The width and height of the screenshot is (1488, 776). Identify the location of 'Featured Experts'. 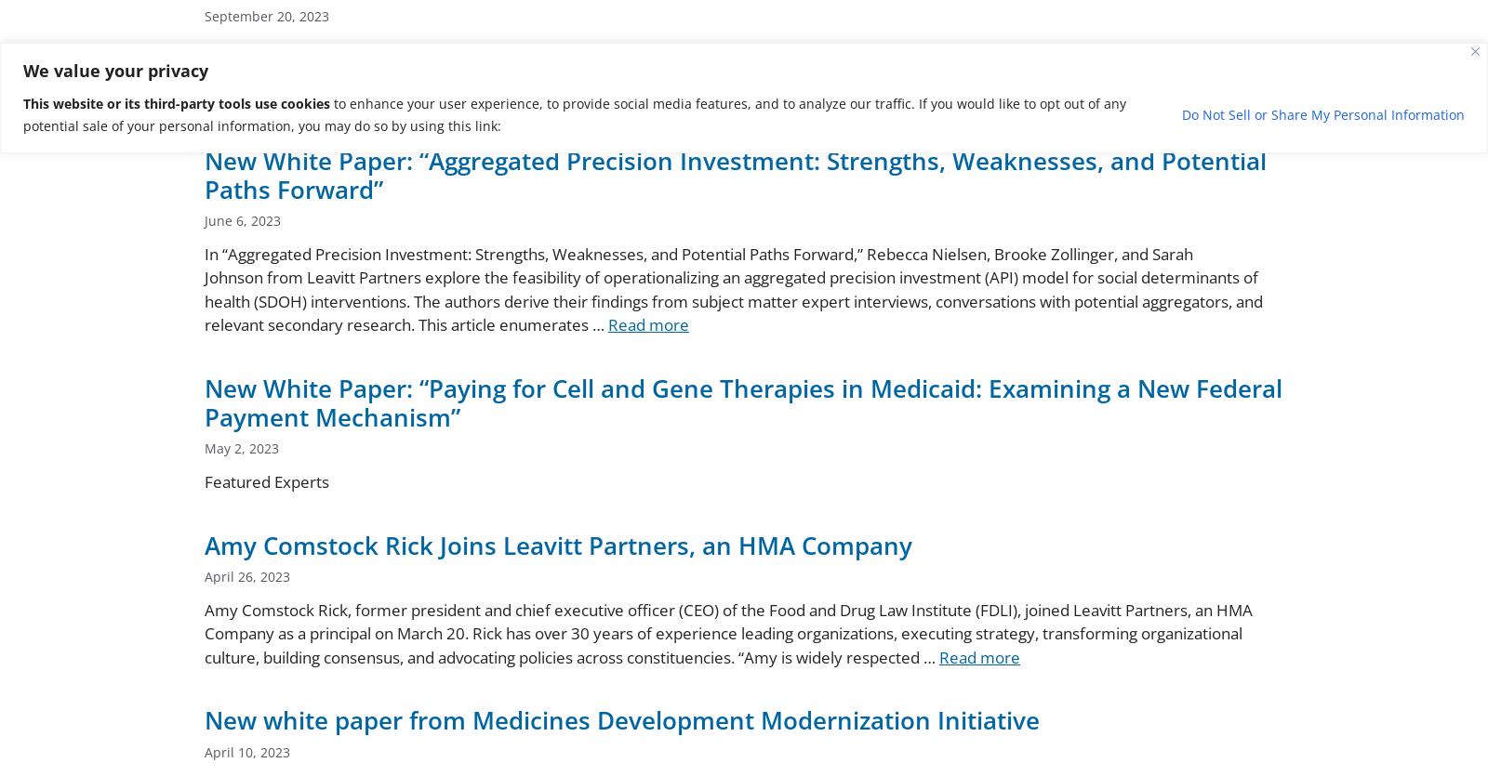
(267, 481).